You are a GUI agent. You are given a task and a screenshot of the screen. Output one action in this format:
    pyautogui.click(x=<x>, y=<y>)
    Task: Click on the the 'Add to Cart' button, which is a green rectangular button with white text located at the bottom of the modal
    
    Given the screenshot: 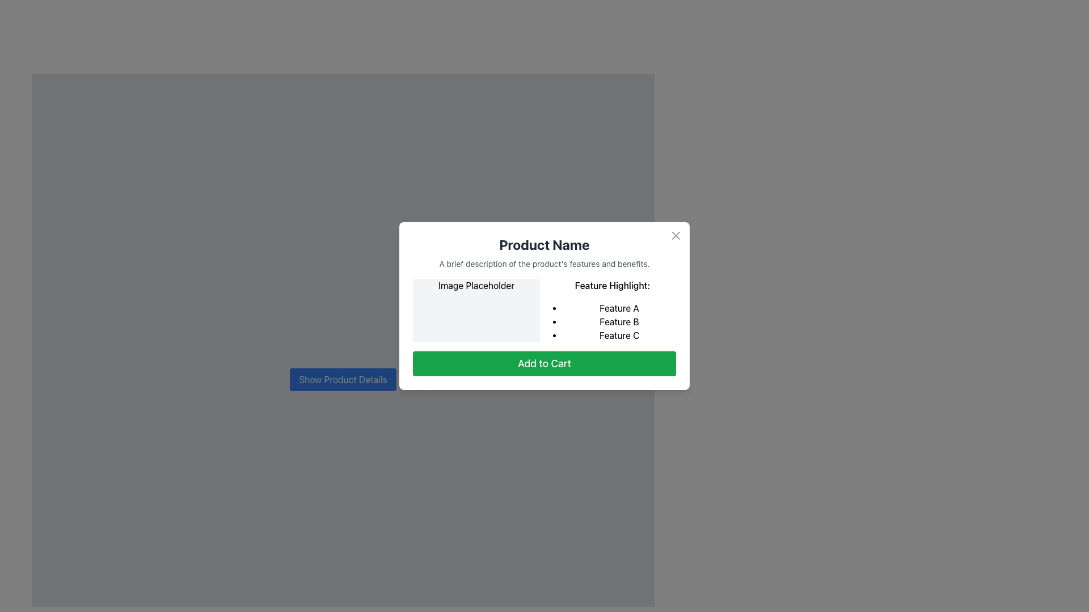 What is the action you would take?
    pyautogui.click(x=544, y=363)
    